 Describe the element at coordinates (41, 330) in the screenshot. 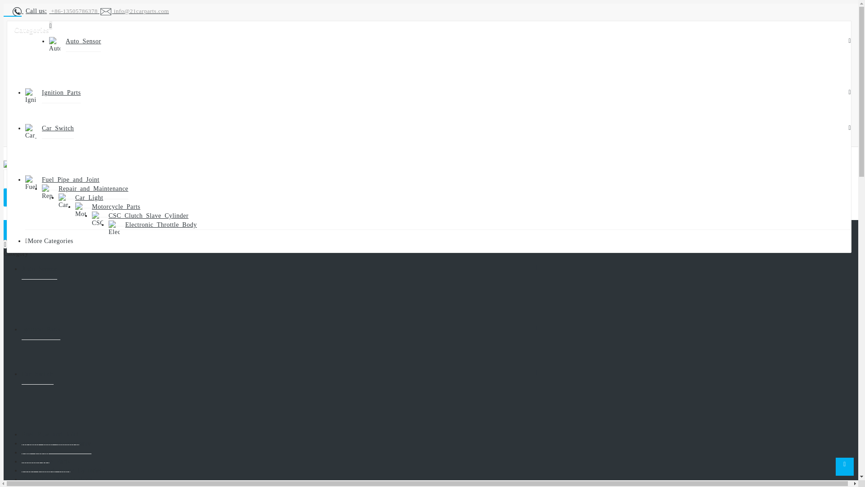

I see `'Ignition_Parts'` at that location.